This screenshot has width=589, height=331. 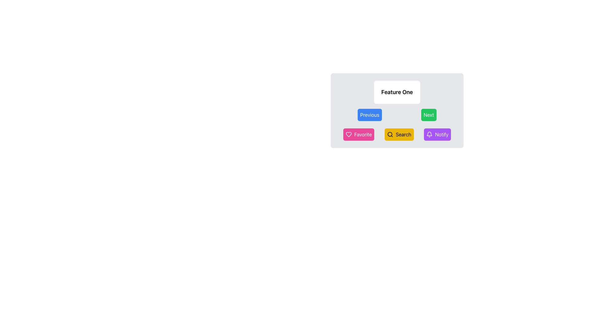 What do you see at coordinates (348, 134) in the screenshot?
I see `the heart-shaped icon filled with pink color located below 'Feature One' to mark it as favorite` at bounding box center [348, 134].